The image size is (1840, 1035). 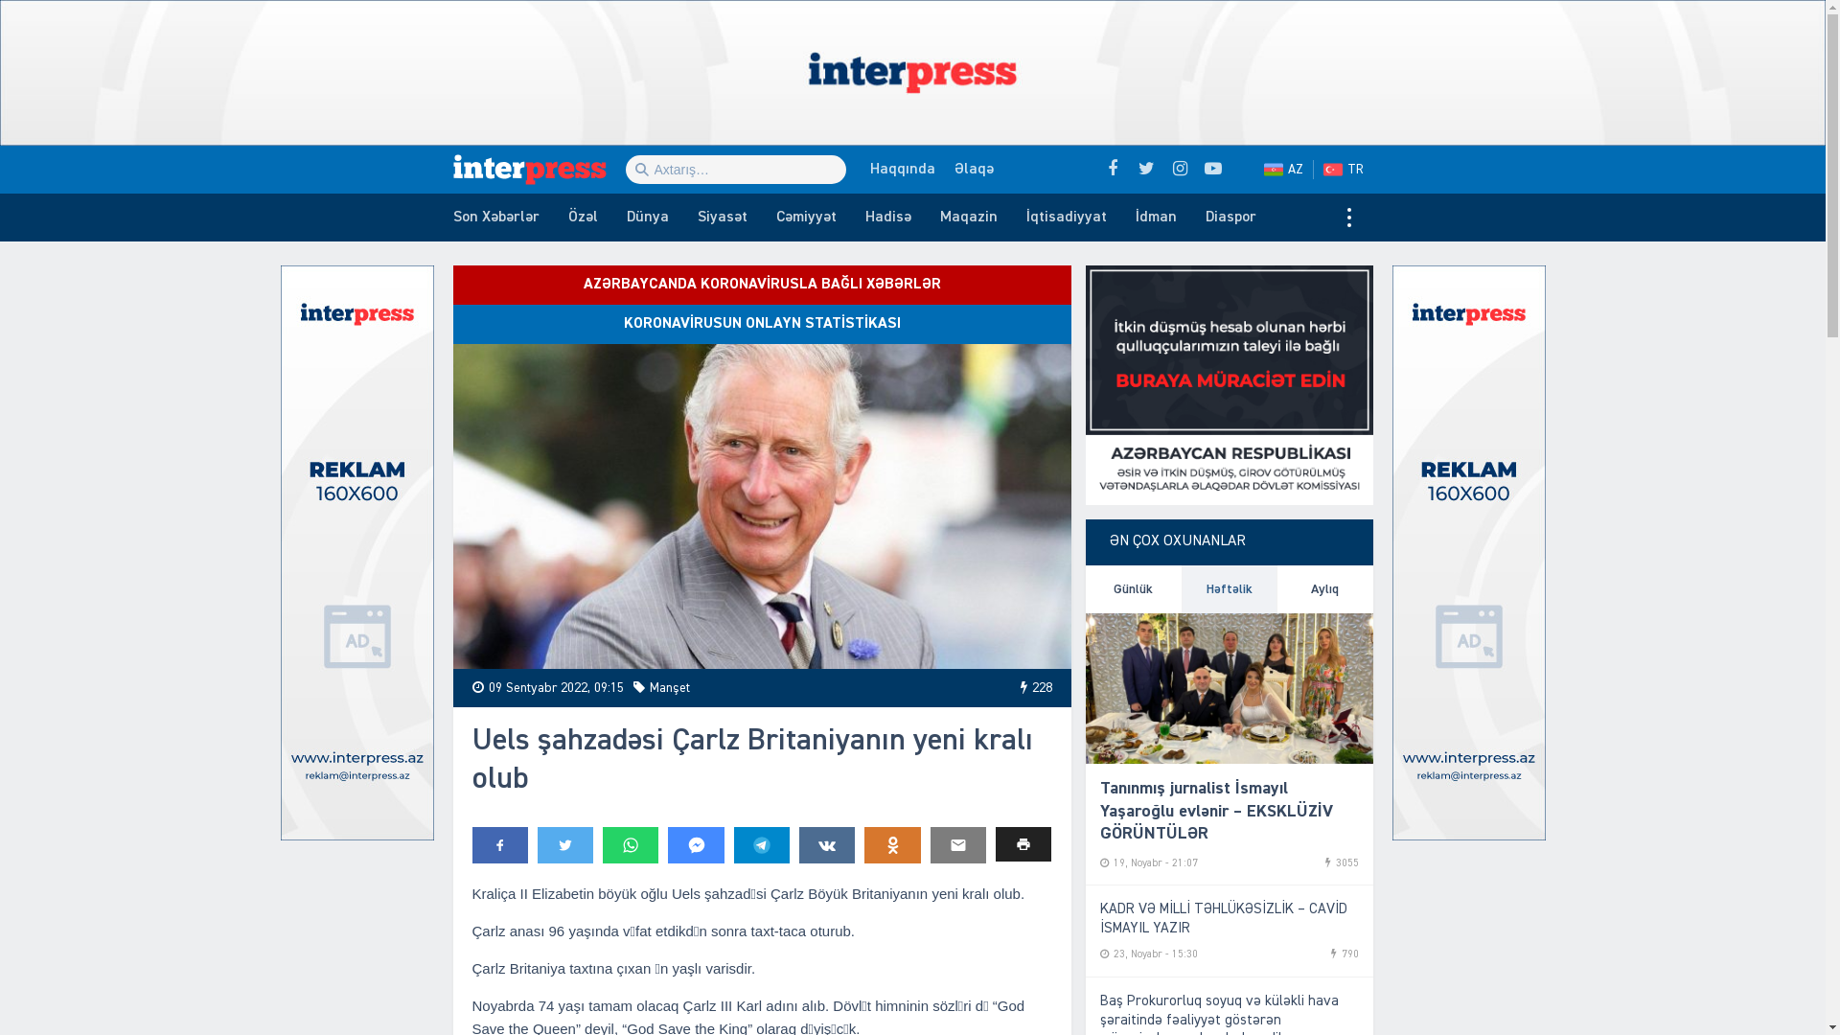 I want to click on 'TR', so click(x=1346, y=169).